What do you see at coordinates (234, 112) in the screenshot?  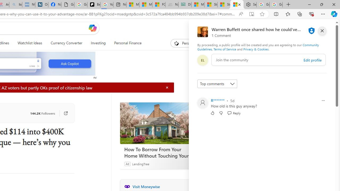 I see `'Reply Reply Comment'` at bounding box center [234, 112].